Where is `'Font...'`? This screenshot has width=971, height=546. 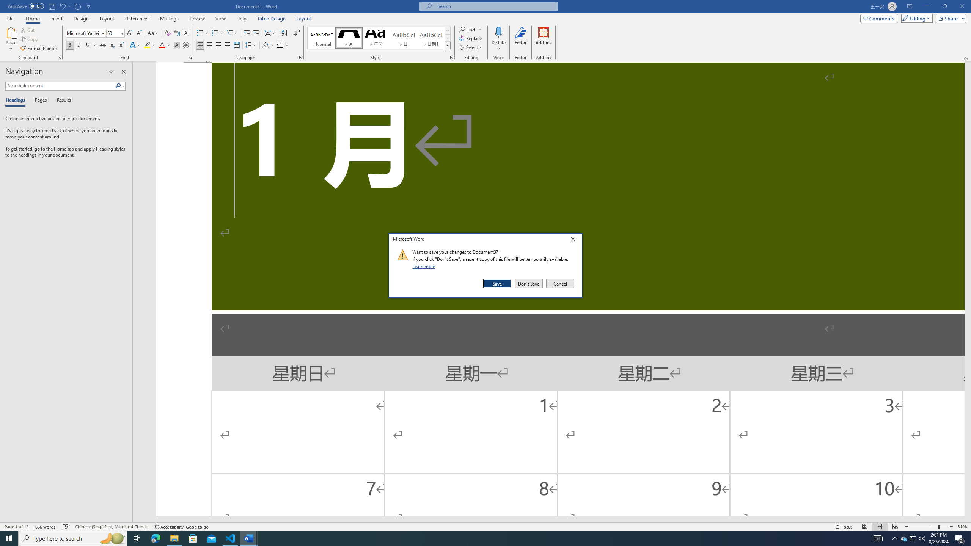 'Font...' is located at coordinates (190, 57).